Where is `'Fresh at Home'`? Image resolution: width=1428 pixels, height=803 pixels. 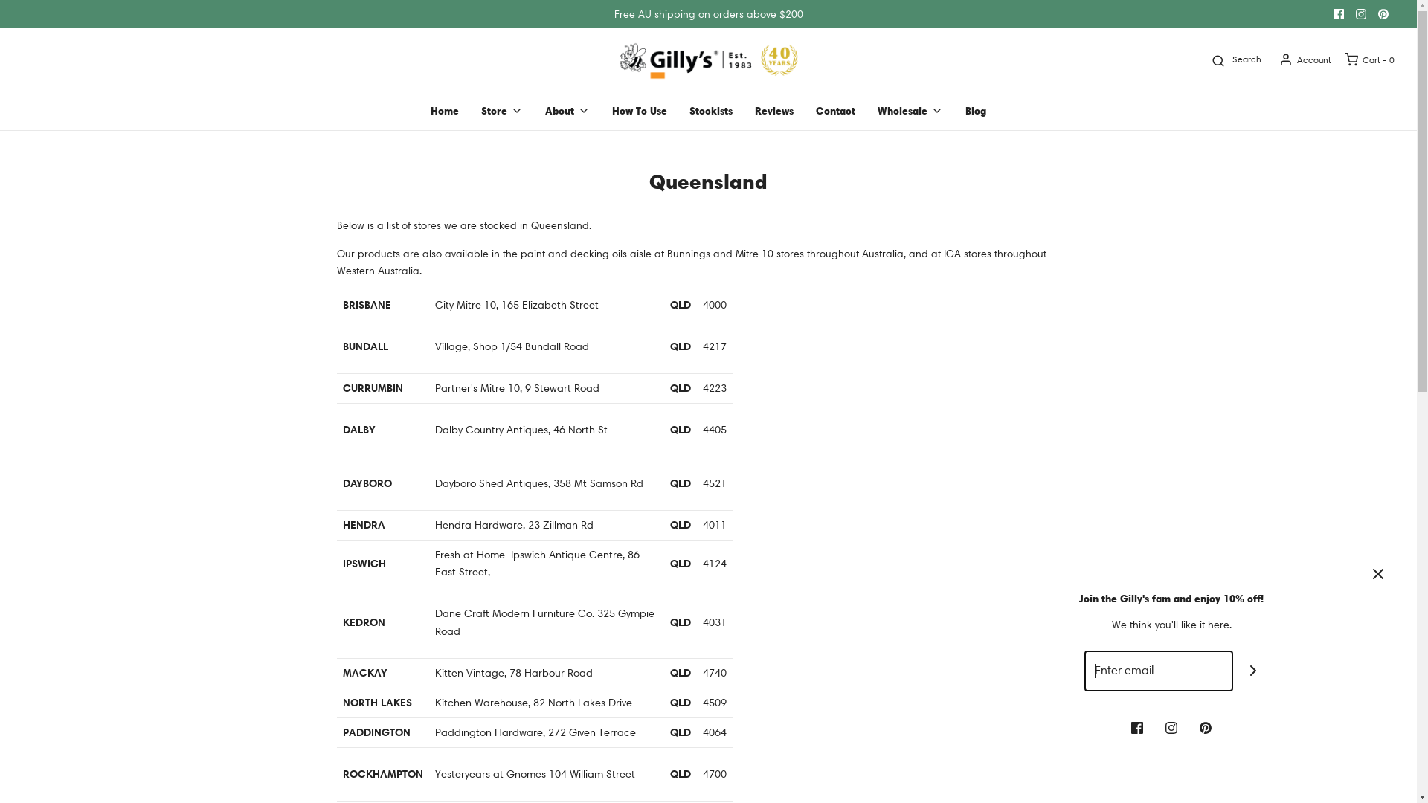
'Fresh at Home' is located at coordinates (468, 554).